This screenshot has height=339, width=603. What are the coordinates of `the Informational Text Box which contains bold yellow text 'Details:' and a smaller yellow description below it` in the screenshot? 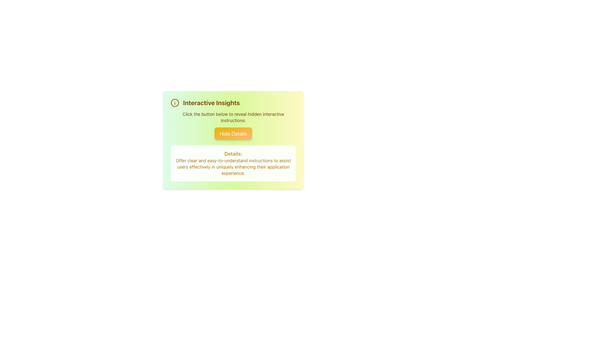 It's located at (233, 163).